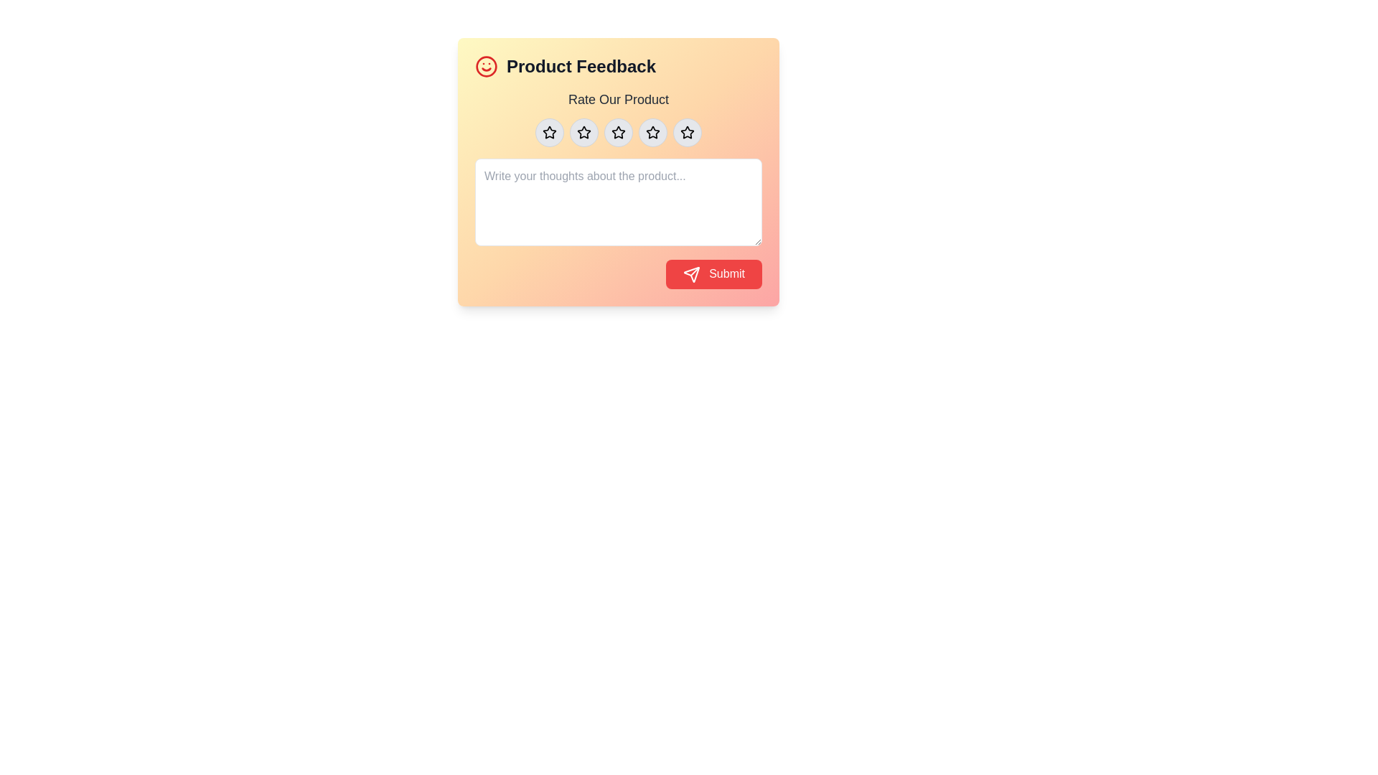 Image resolution: width=1378 pixels, height=775 pixels. I want to click on the rightmost circular interactive star button in the 'Rate Our Product' section of the 'Product Feedback' form, so click(687, 133).